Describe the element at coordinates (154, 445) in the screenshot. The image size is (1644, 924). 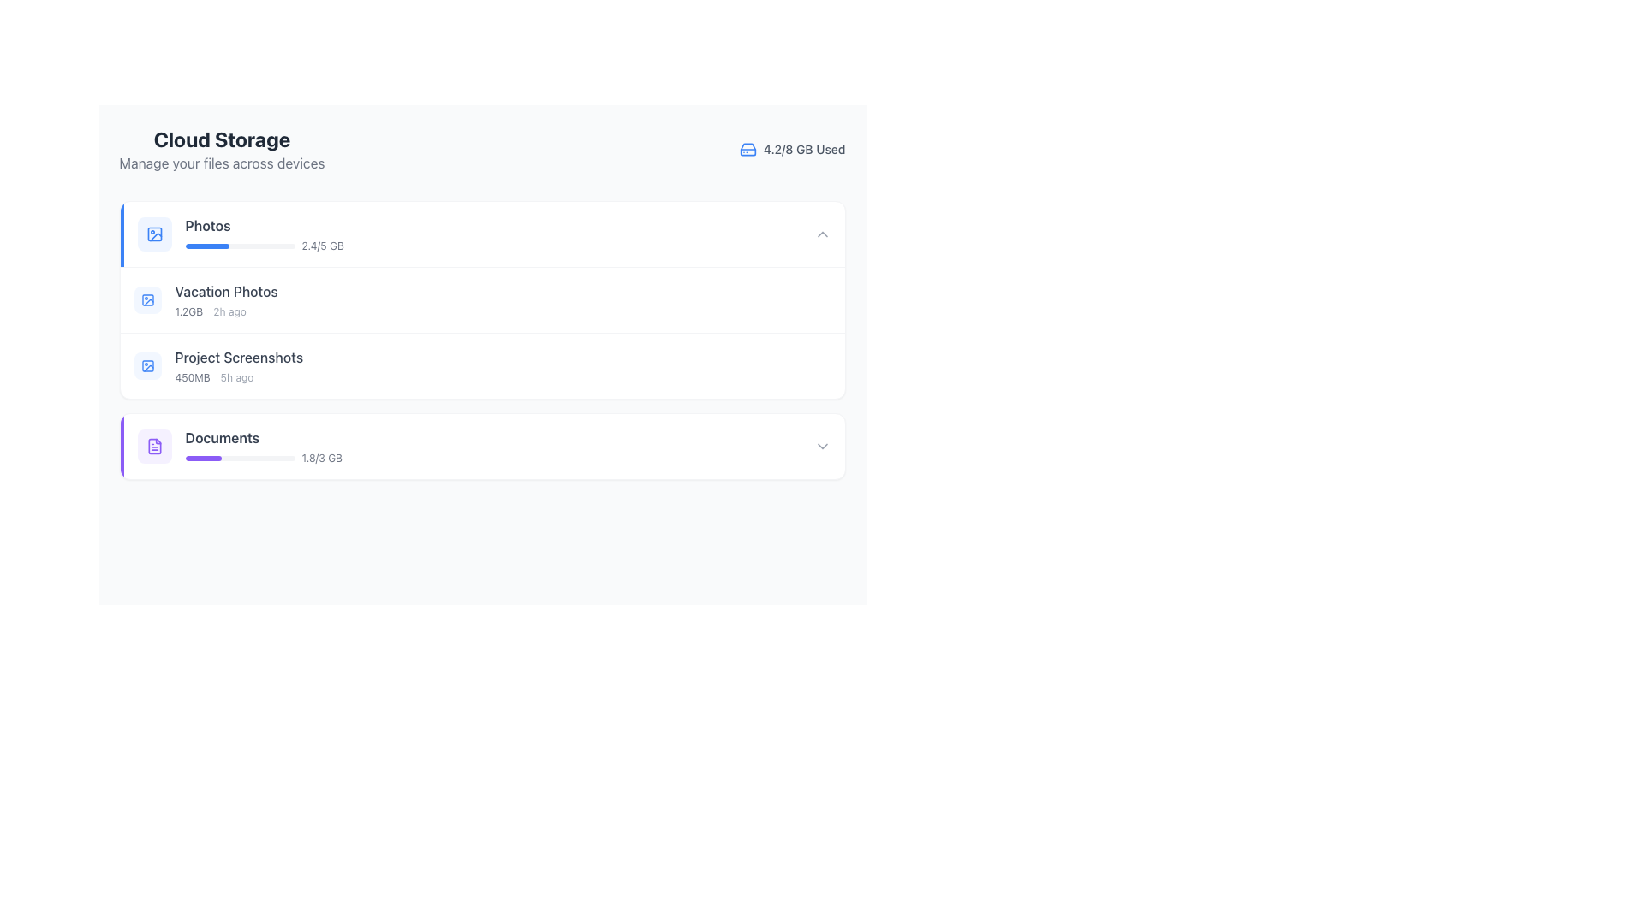
I see `the document icon located to the left of the 'Documents' list item, which is part of a horizontal layout with text and a progress bar` at that location.